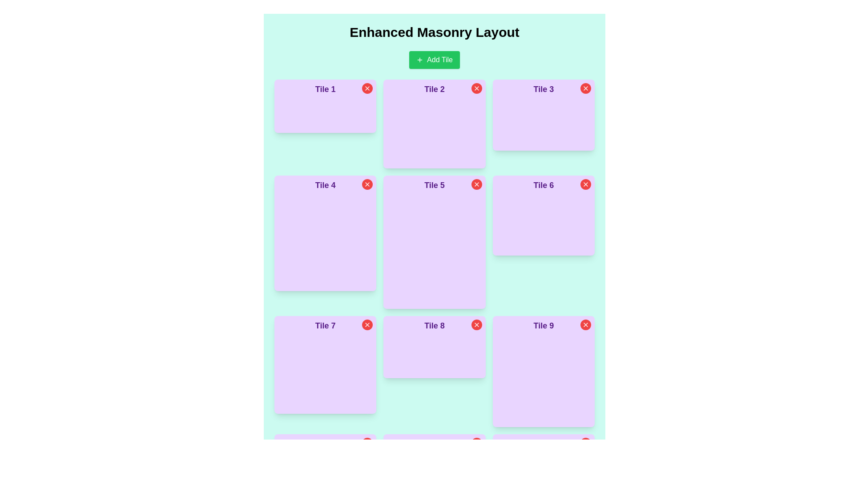 The height and width of the screenshot is (480, 854). Describe the element at coordinates (585, 325) in the screenshot. I see `the delete button located at the top-right corner of 'Tile 9'` at that location.